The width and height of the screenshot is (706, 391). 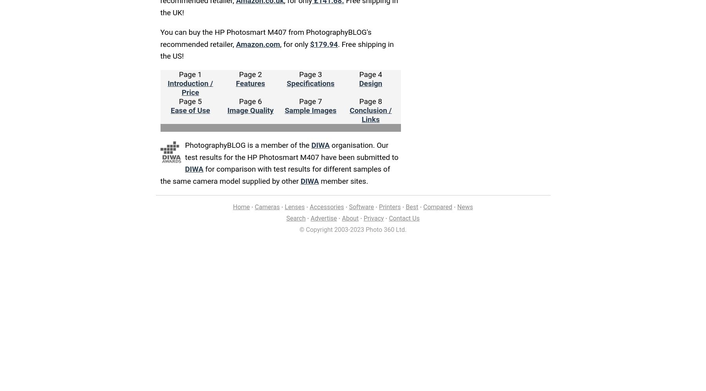 I want to click on 'Advertise', so click(x=323, y=218).